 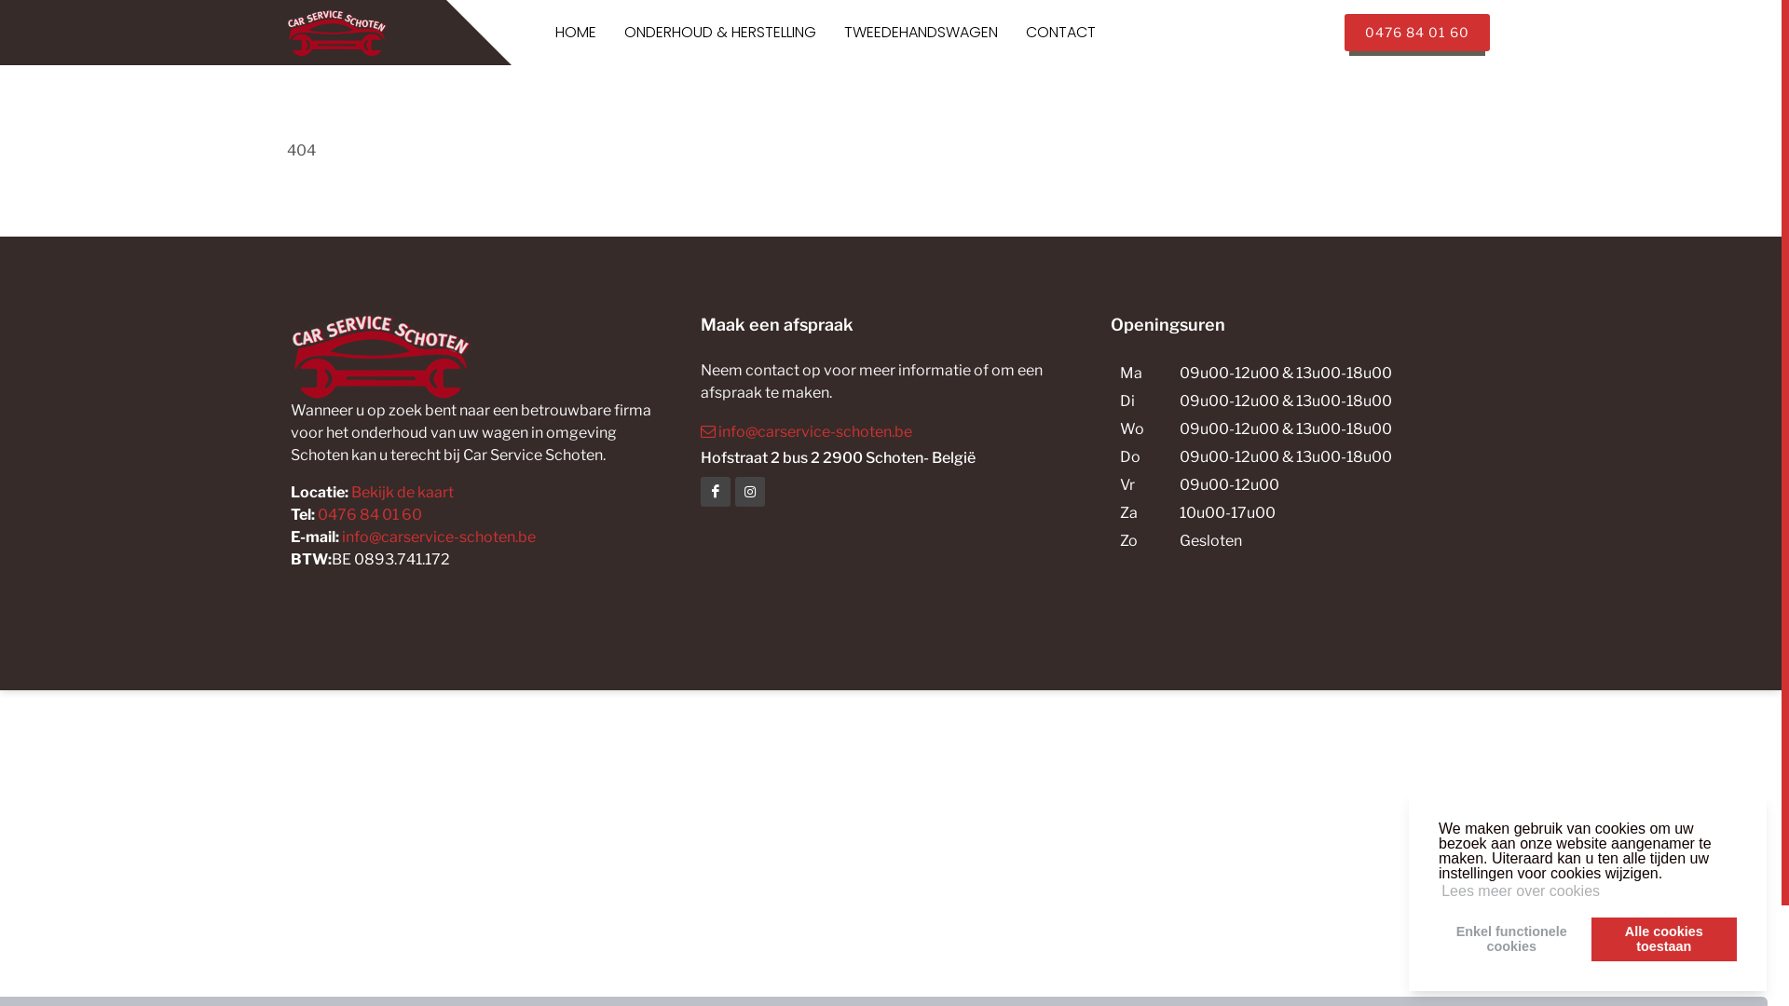 I want to click on '0476 84 01 60', so click(x=1416, y=32).